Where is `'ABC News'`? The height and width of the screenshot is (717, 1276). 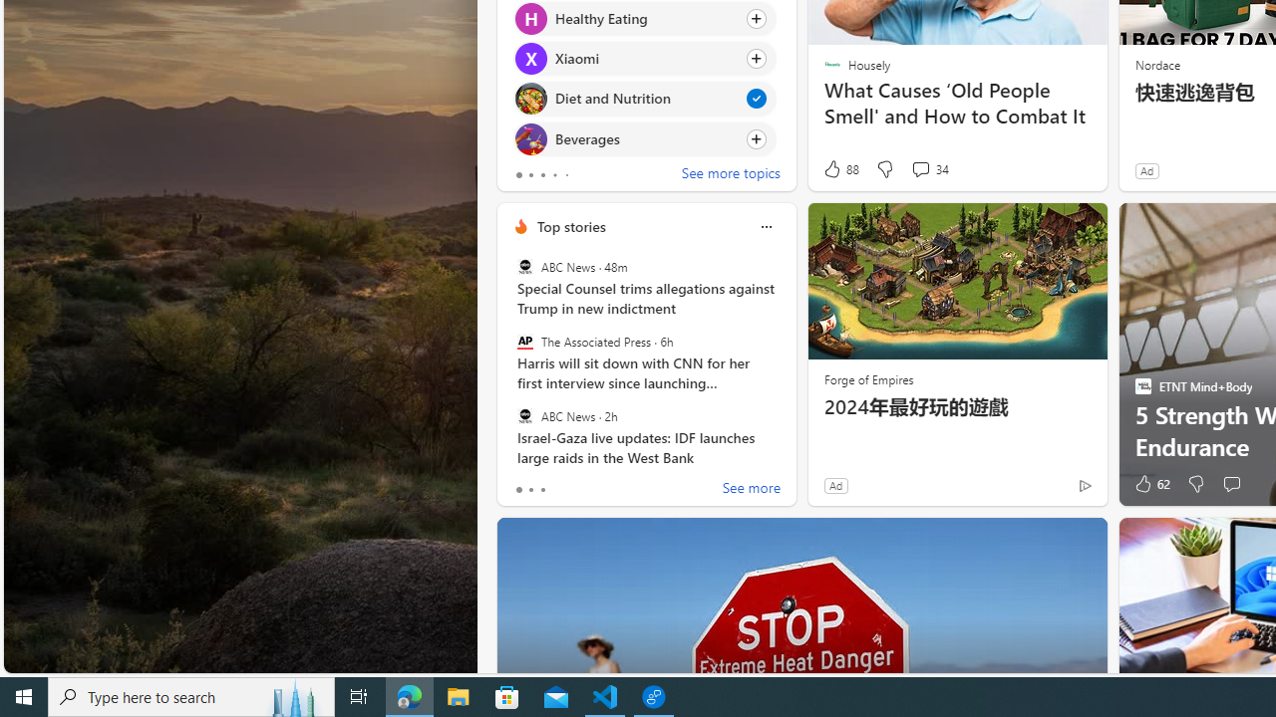
'ABC News' is located at coordinates (524, 414).